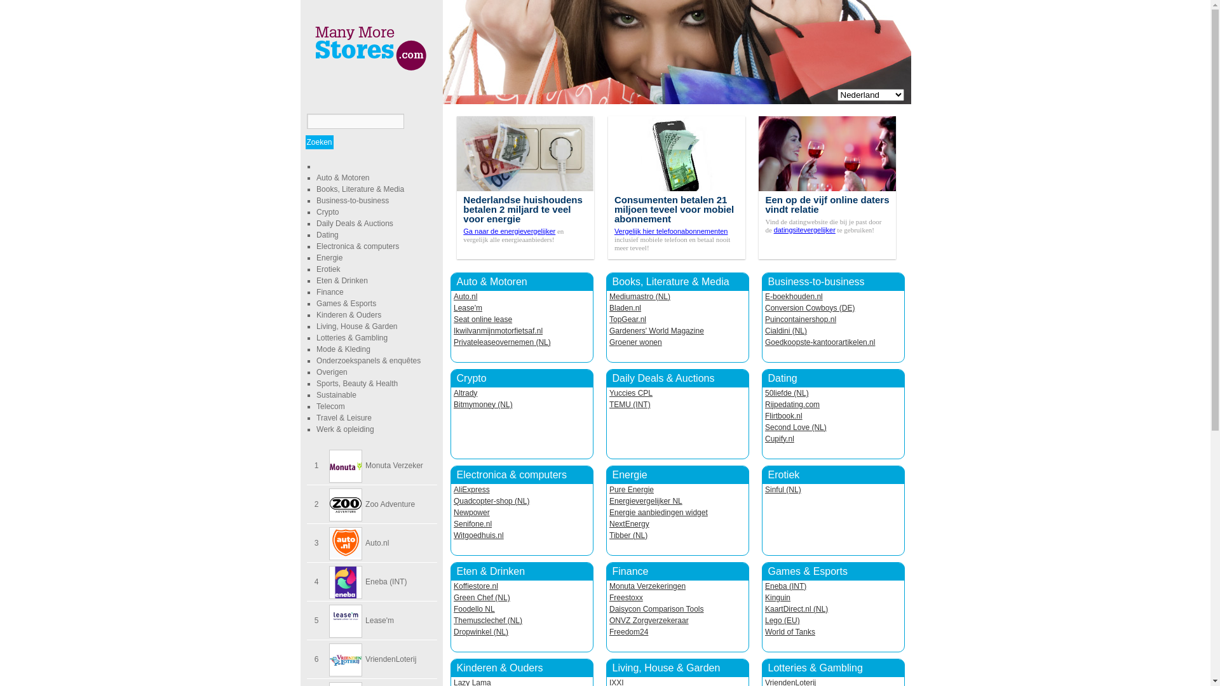 This screenshot has width=1220, height=686. What do you see at coordinates (646, 501) in the screenshot?
I see `'Energievergelijker NL'` at bounding box center [646, 501].